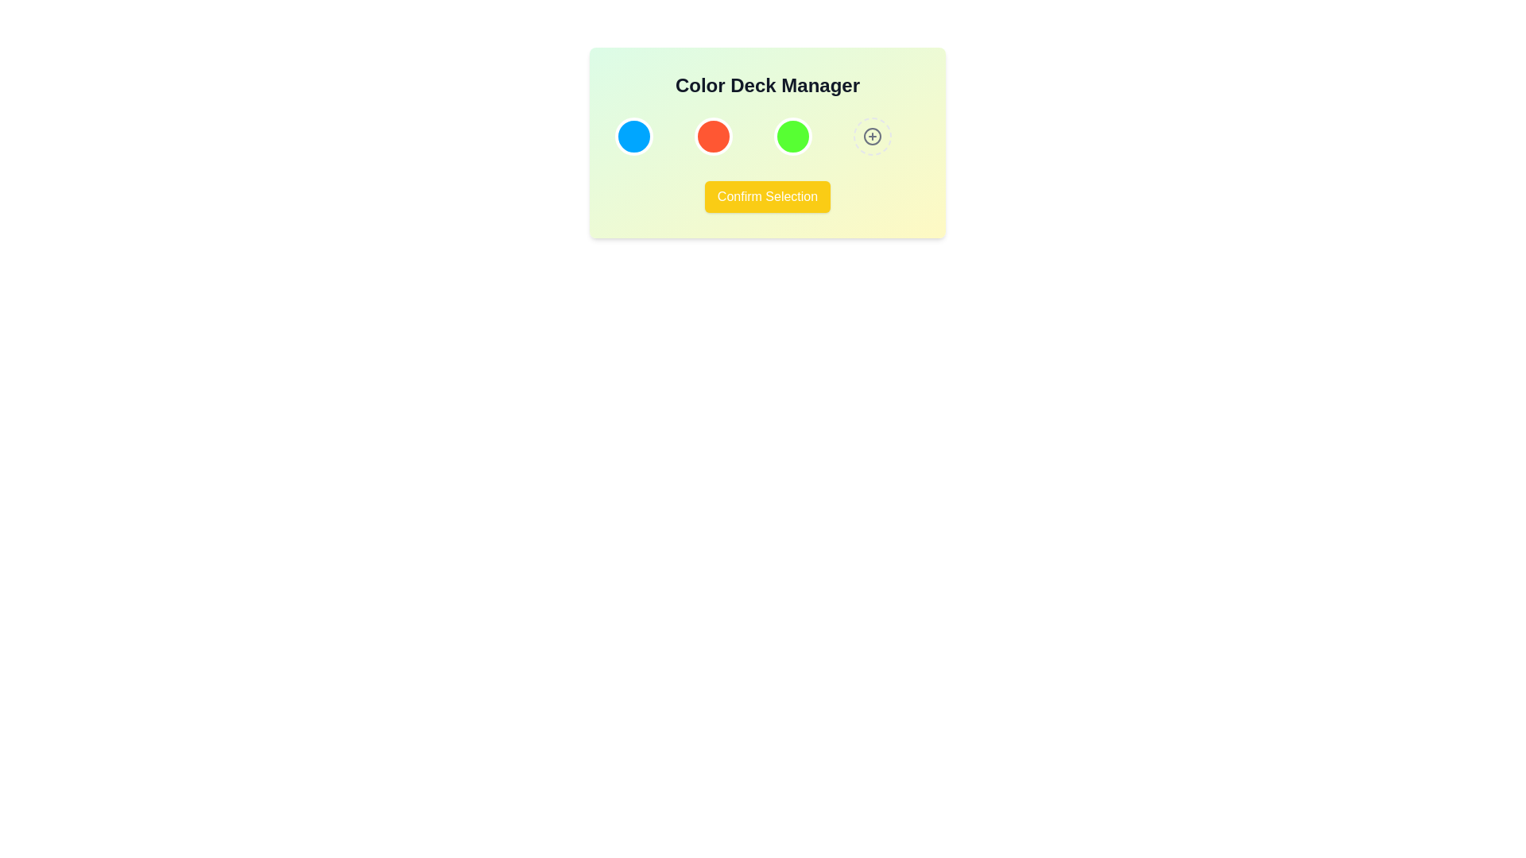 The image size is (1526, 858). What do you see at coordinates (633, 136) in the screenshot?
I see `the first selectable circle located near the top center of the interface, positioned to the left of two other colored circles and an outlined circle to the far right` at bounding box center [633, 136].